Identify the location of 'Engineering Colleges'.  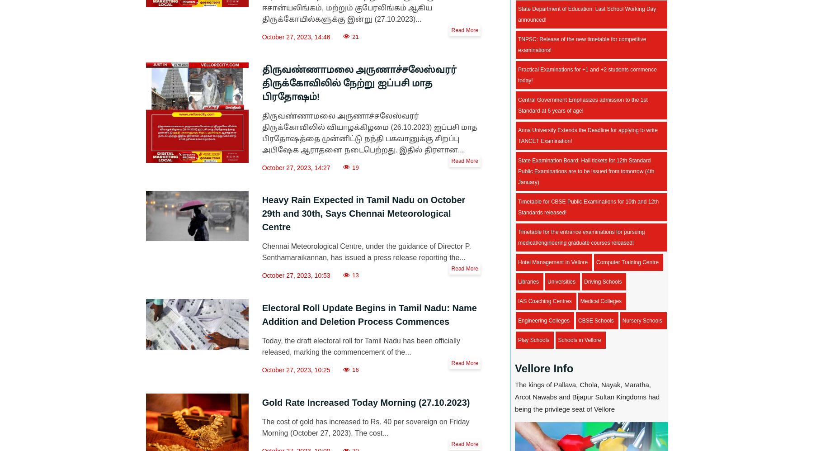
(518, 320).